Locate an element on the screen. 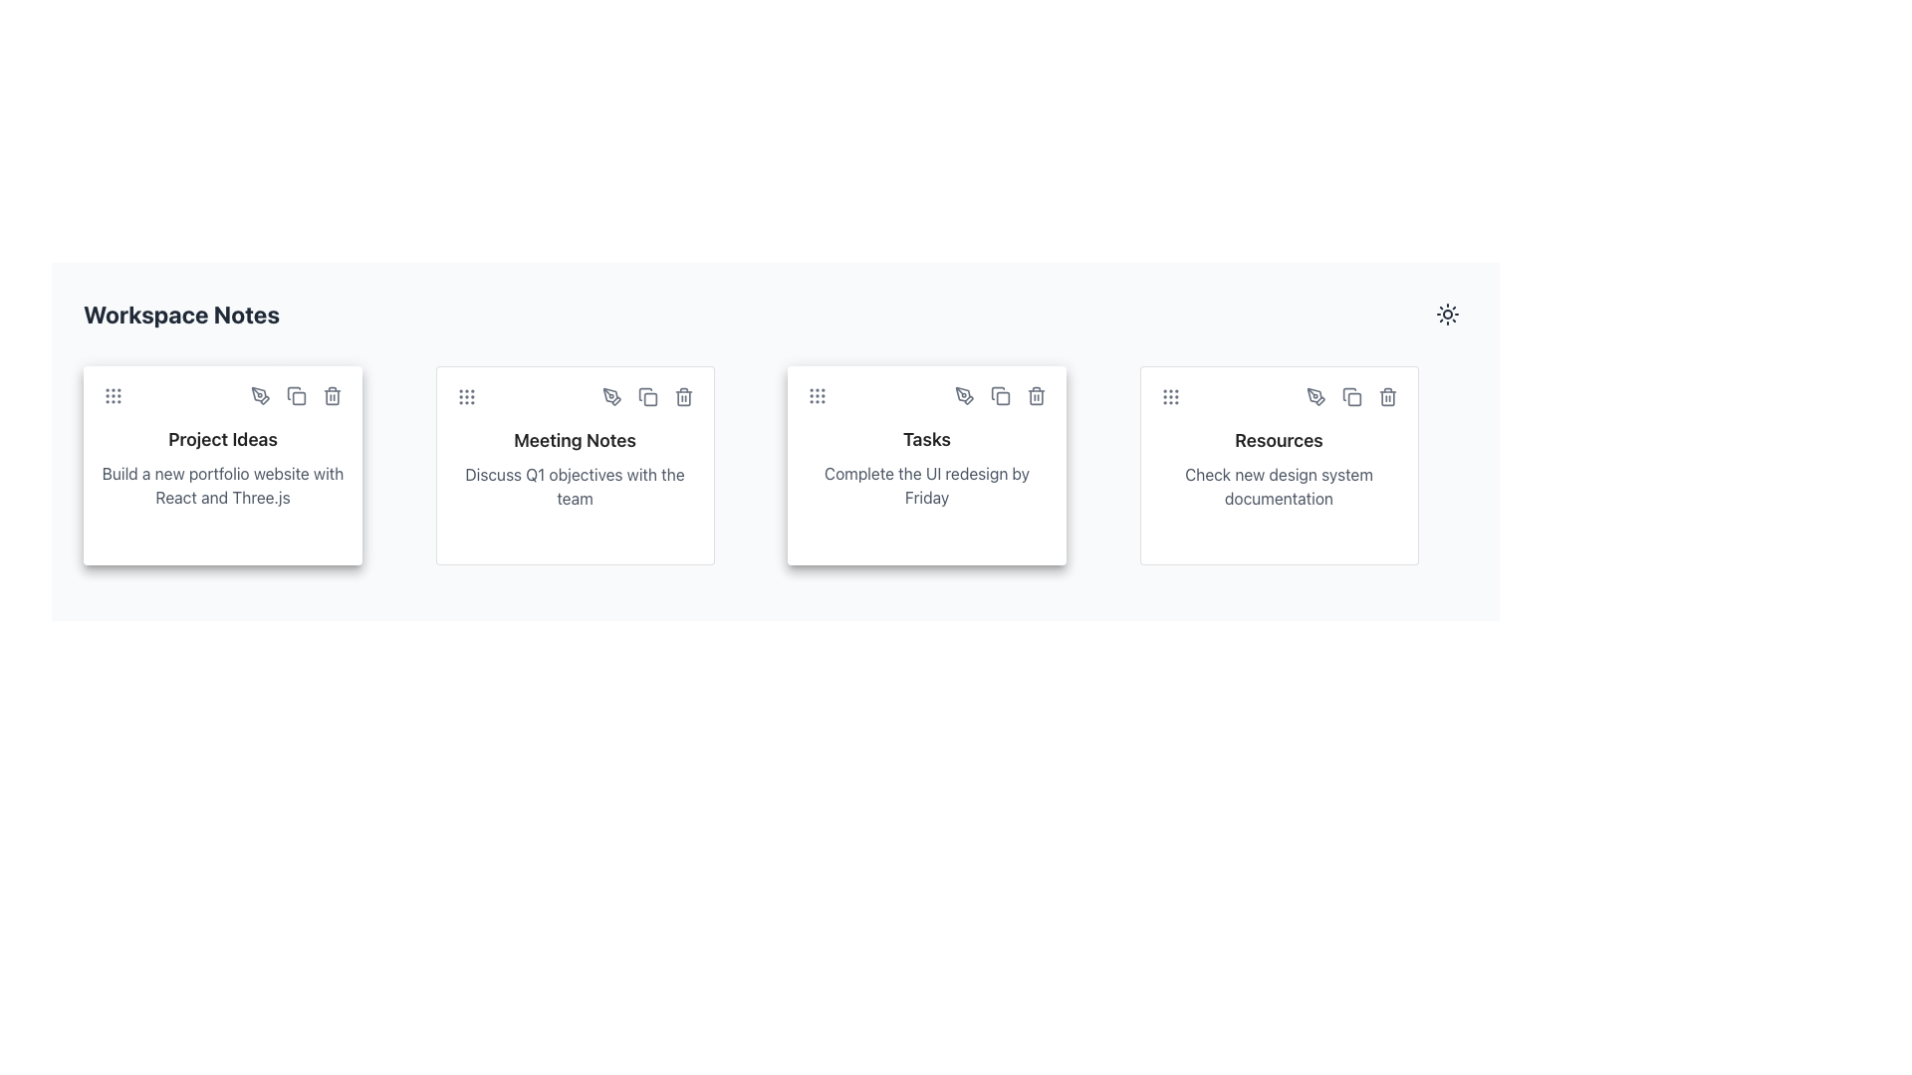  the drag handle icon, which is a grid of nine small gray circles, located in the top-left corner of the 'Project Ideas' note card in the 'Workspace Notes' section is located at coordinates (113, 395).